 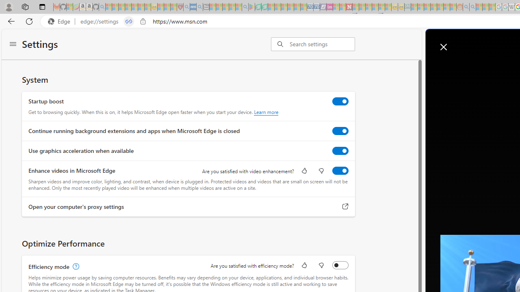 What do you see at coordinates (121, 7) in the screenshot?
I see `'The Weather Channel - MSN - Sleeping'` at bounding box center [121, 7].